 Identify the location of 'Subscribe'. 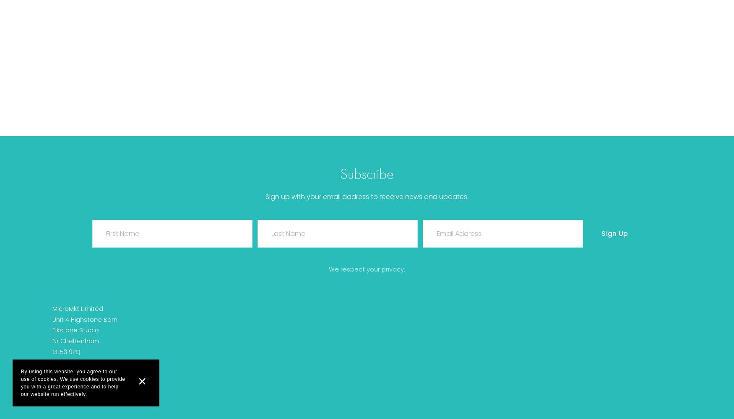
(367, 173).